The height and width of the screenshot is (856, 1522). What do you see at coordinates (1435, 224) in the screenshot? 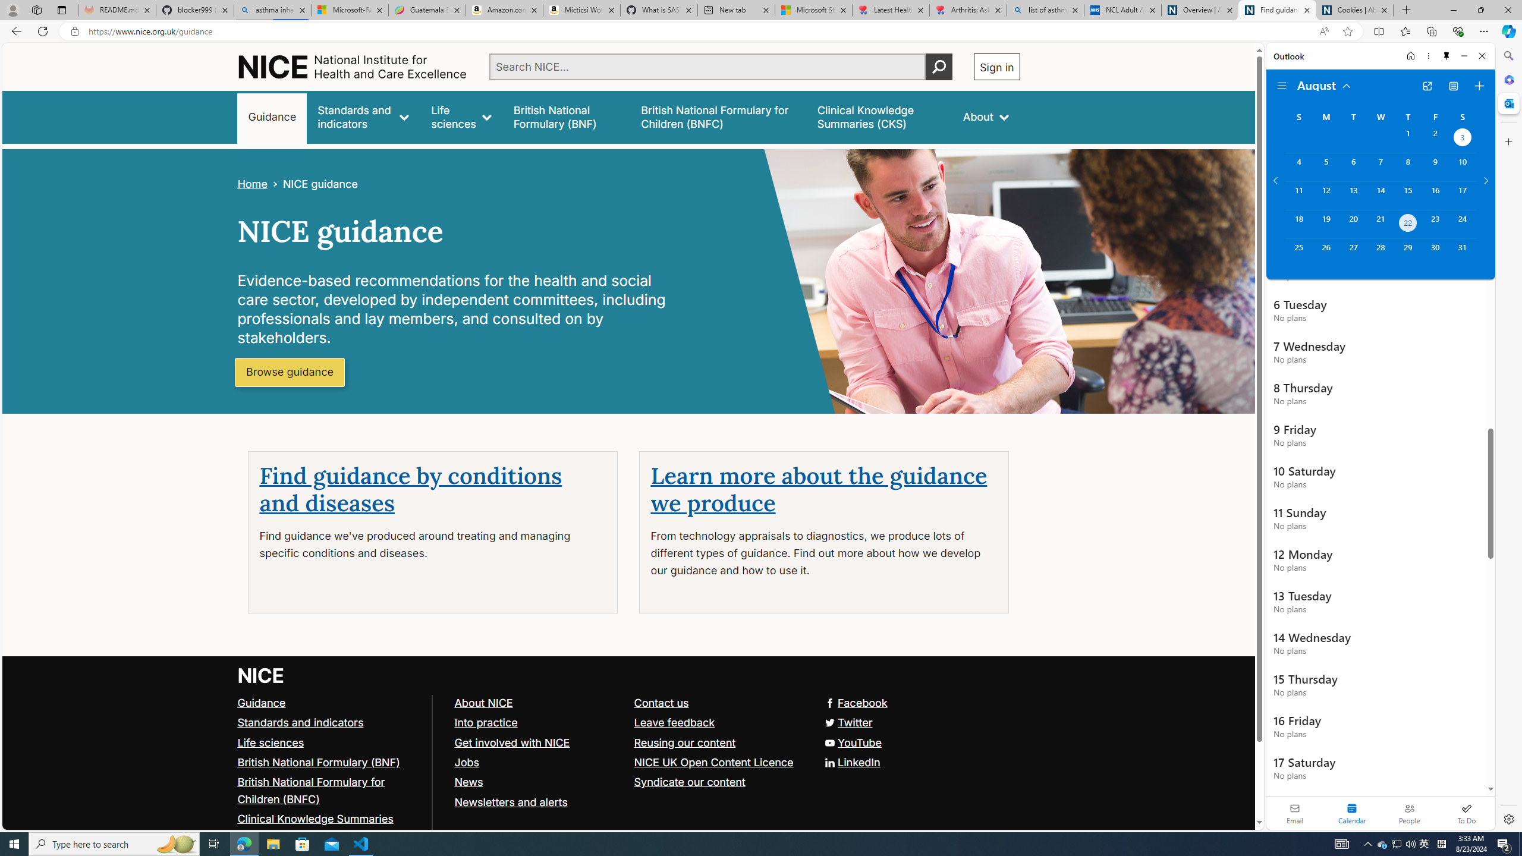
I see `'Friday, August 23, 2024. '` at bounding box center [1435, 224].